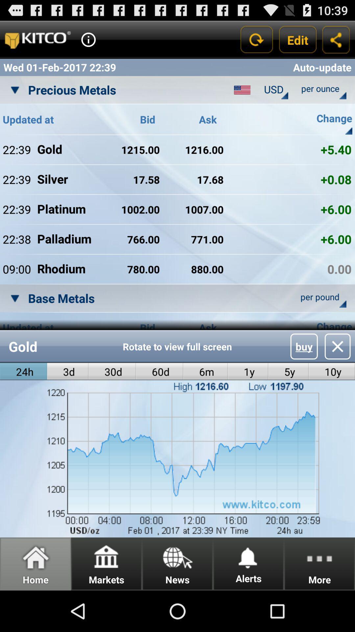 The height and width of the screenshot is (632, 355). What do you see at coordinates (205, 372) in the screenshot?
I see `the radio button to the left of the 1y item` at bounding box center [205, 372].